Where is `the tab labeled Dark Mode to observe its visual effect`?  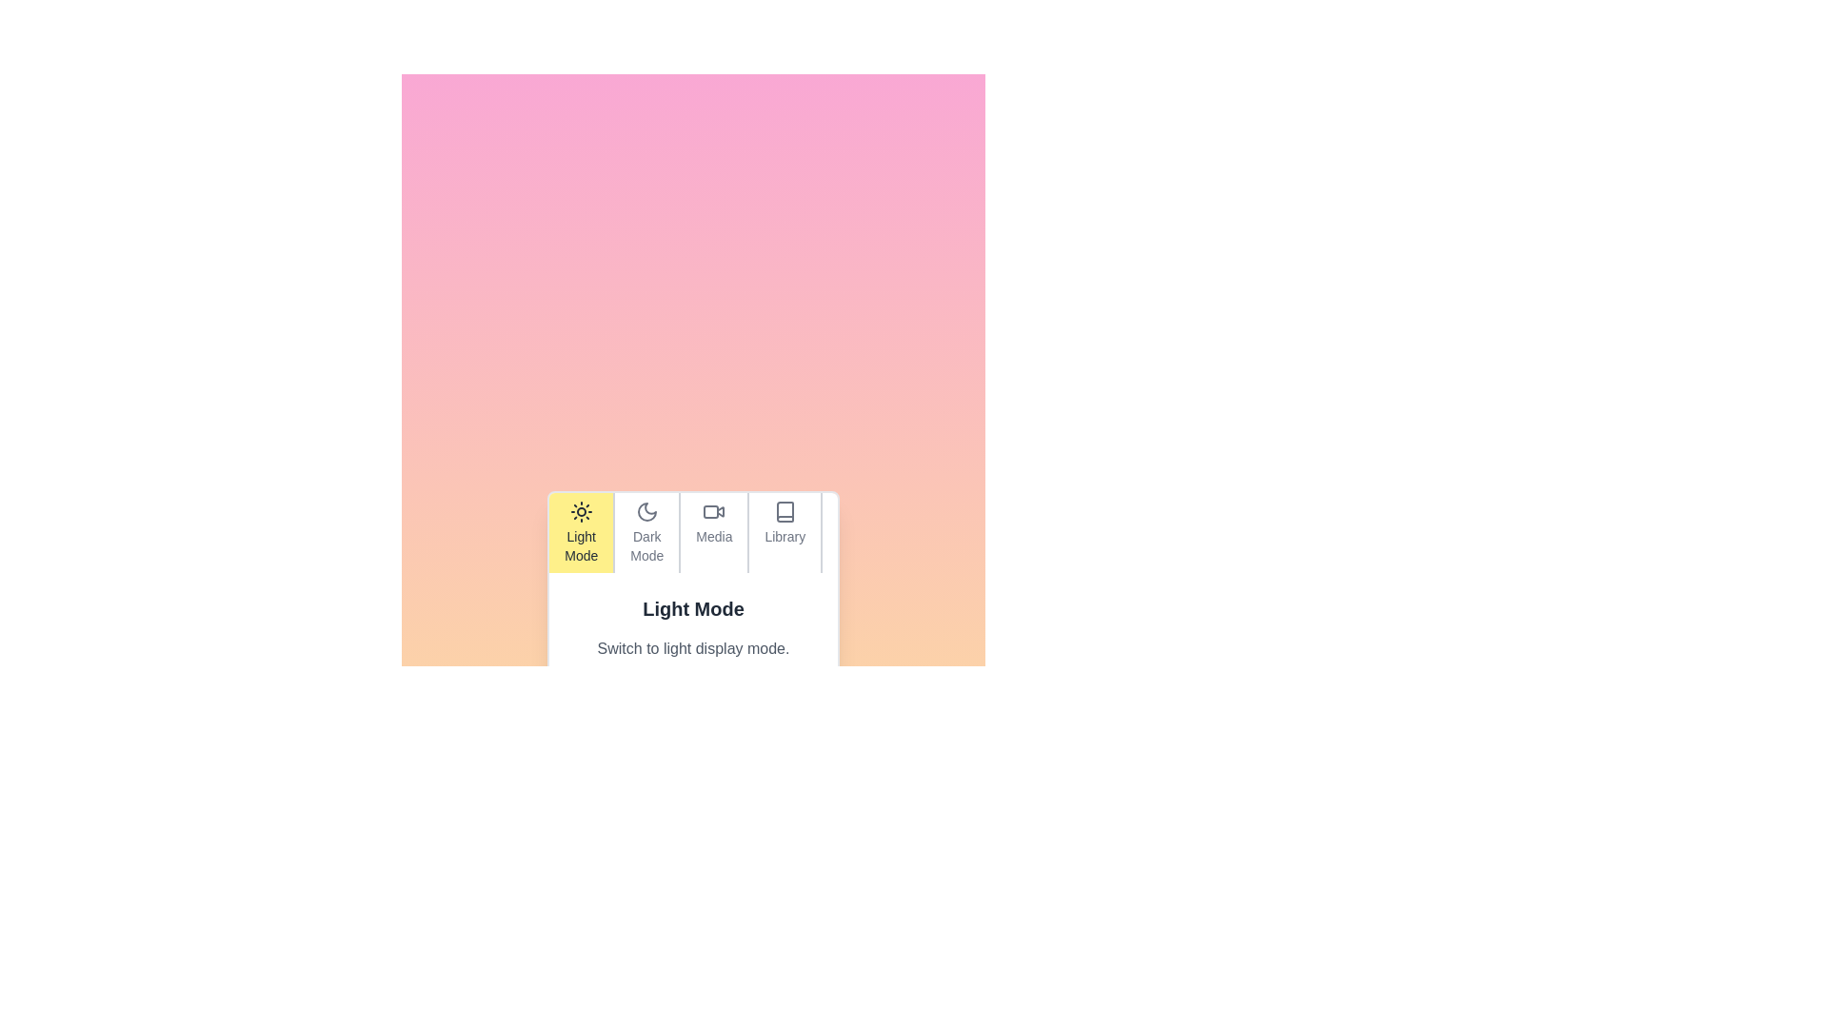
the tab labeled Dark Mode to observe its visual effect is located at coordinates (645, 532).